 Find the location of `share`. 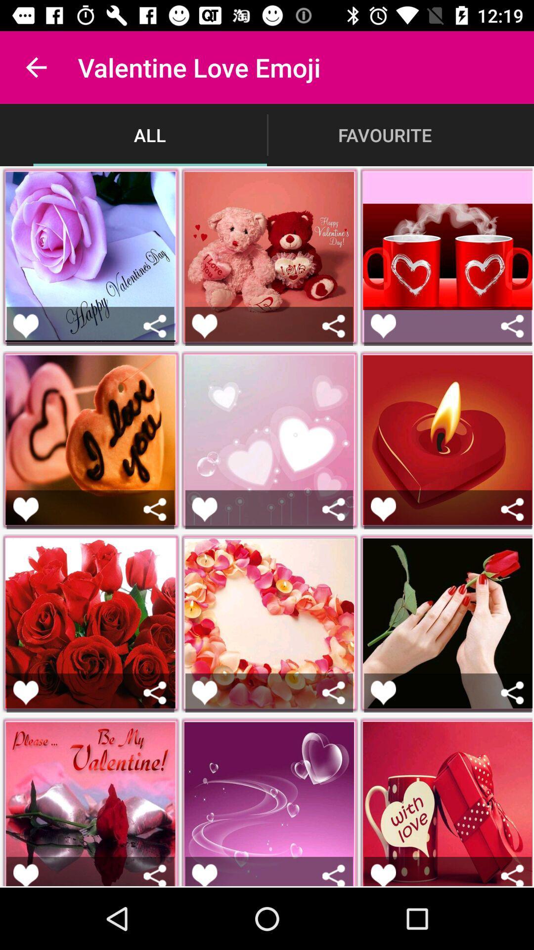

share is located at coordinates (155, 509).